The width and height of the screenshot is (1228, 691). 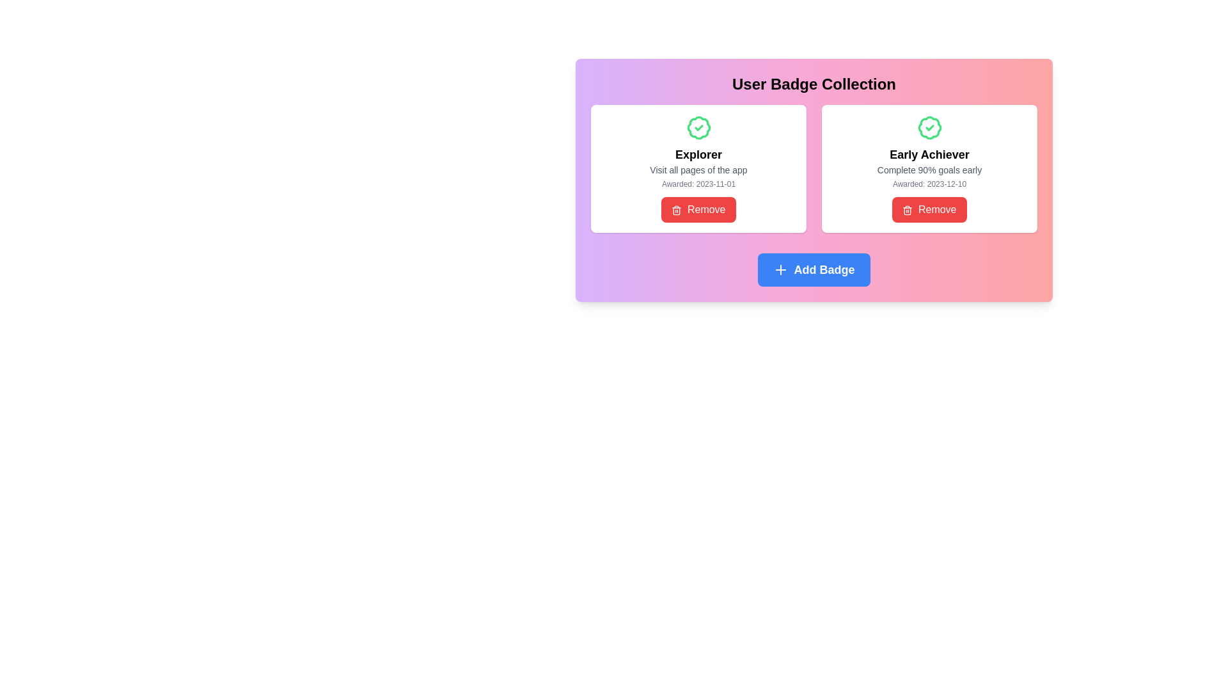 I want to click on the green badge icon with a checkmark inside the 'Early Achiever' card in the 'User Badge Collection' panel, which is centered above the card title, so click(x=929, y=128).